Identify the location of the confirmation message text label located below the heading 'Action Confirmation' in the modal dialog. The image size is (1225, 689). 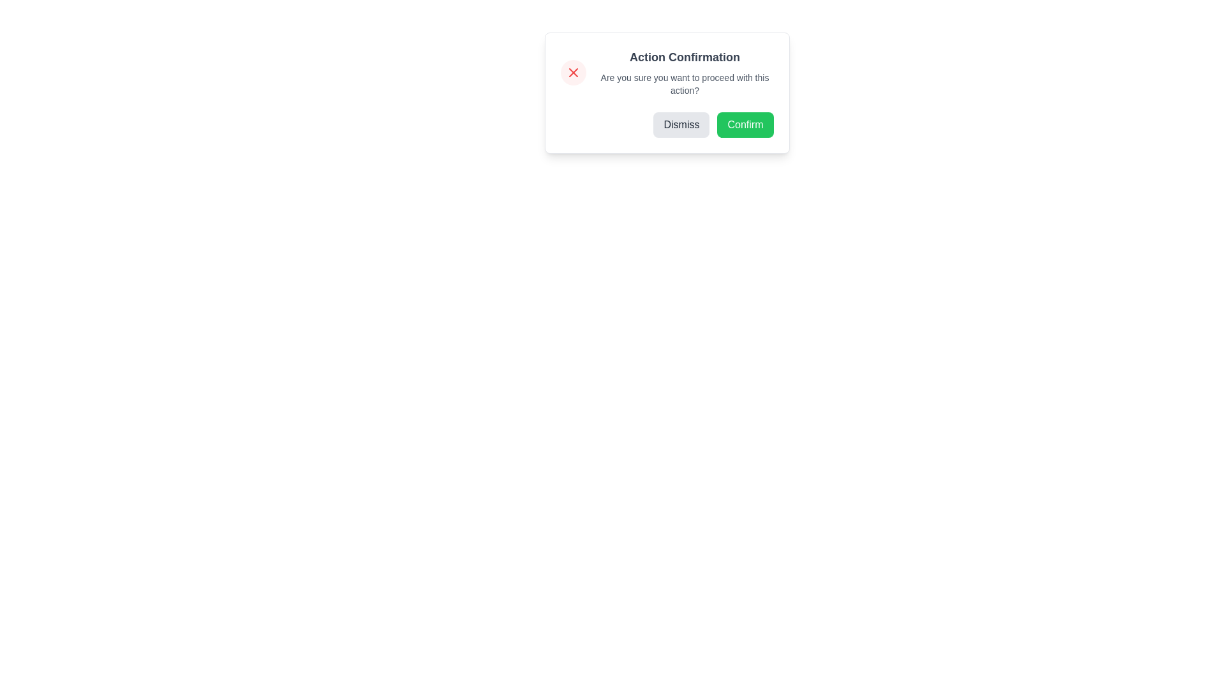
(684, 84).